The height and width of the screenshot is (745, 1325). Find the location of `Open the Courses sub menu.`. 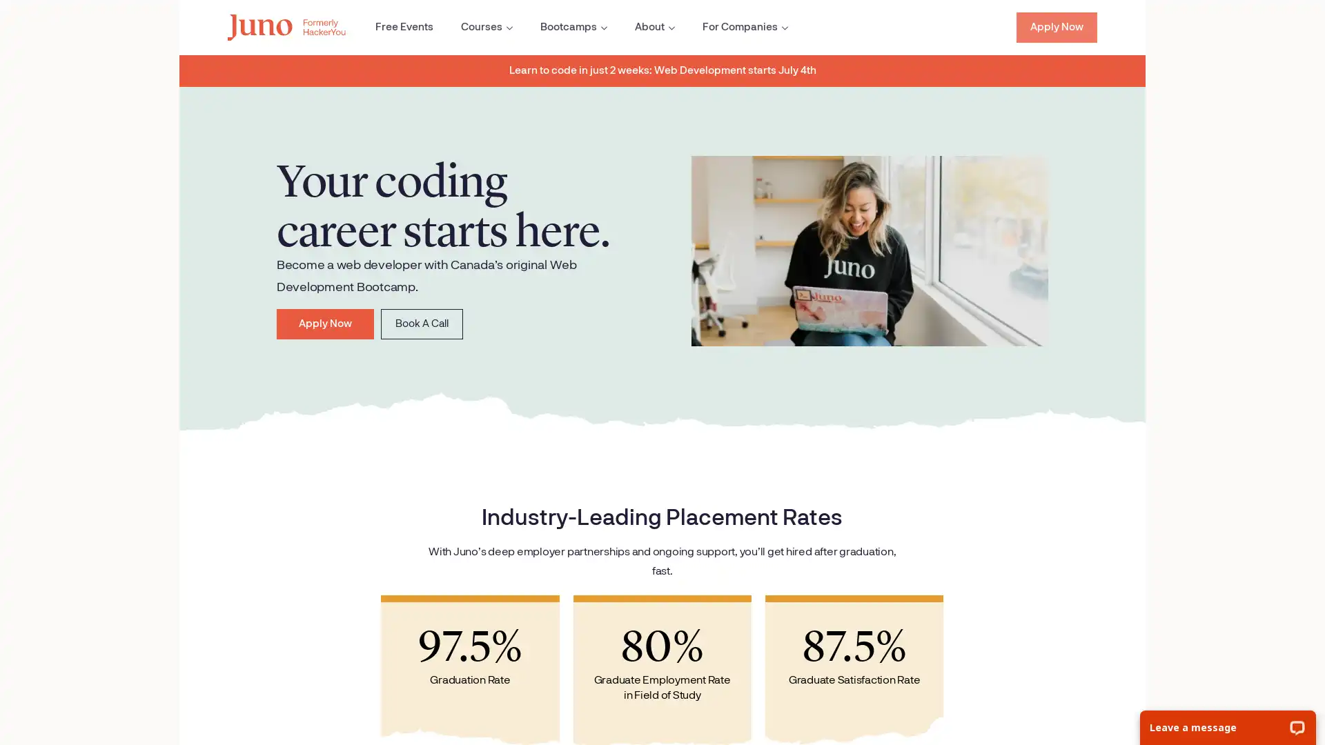

Open the Courses sub menu. is located at coordinates (474, 27).